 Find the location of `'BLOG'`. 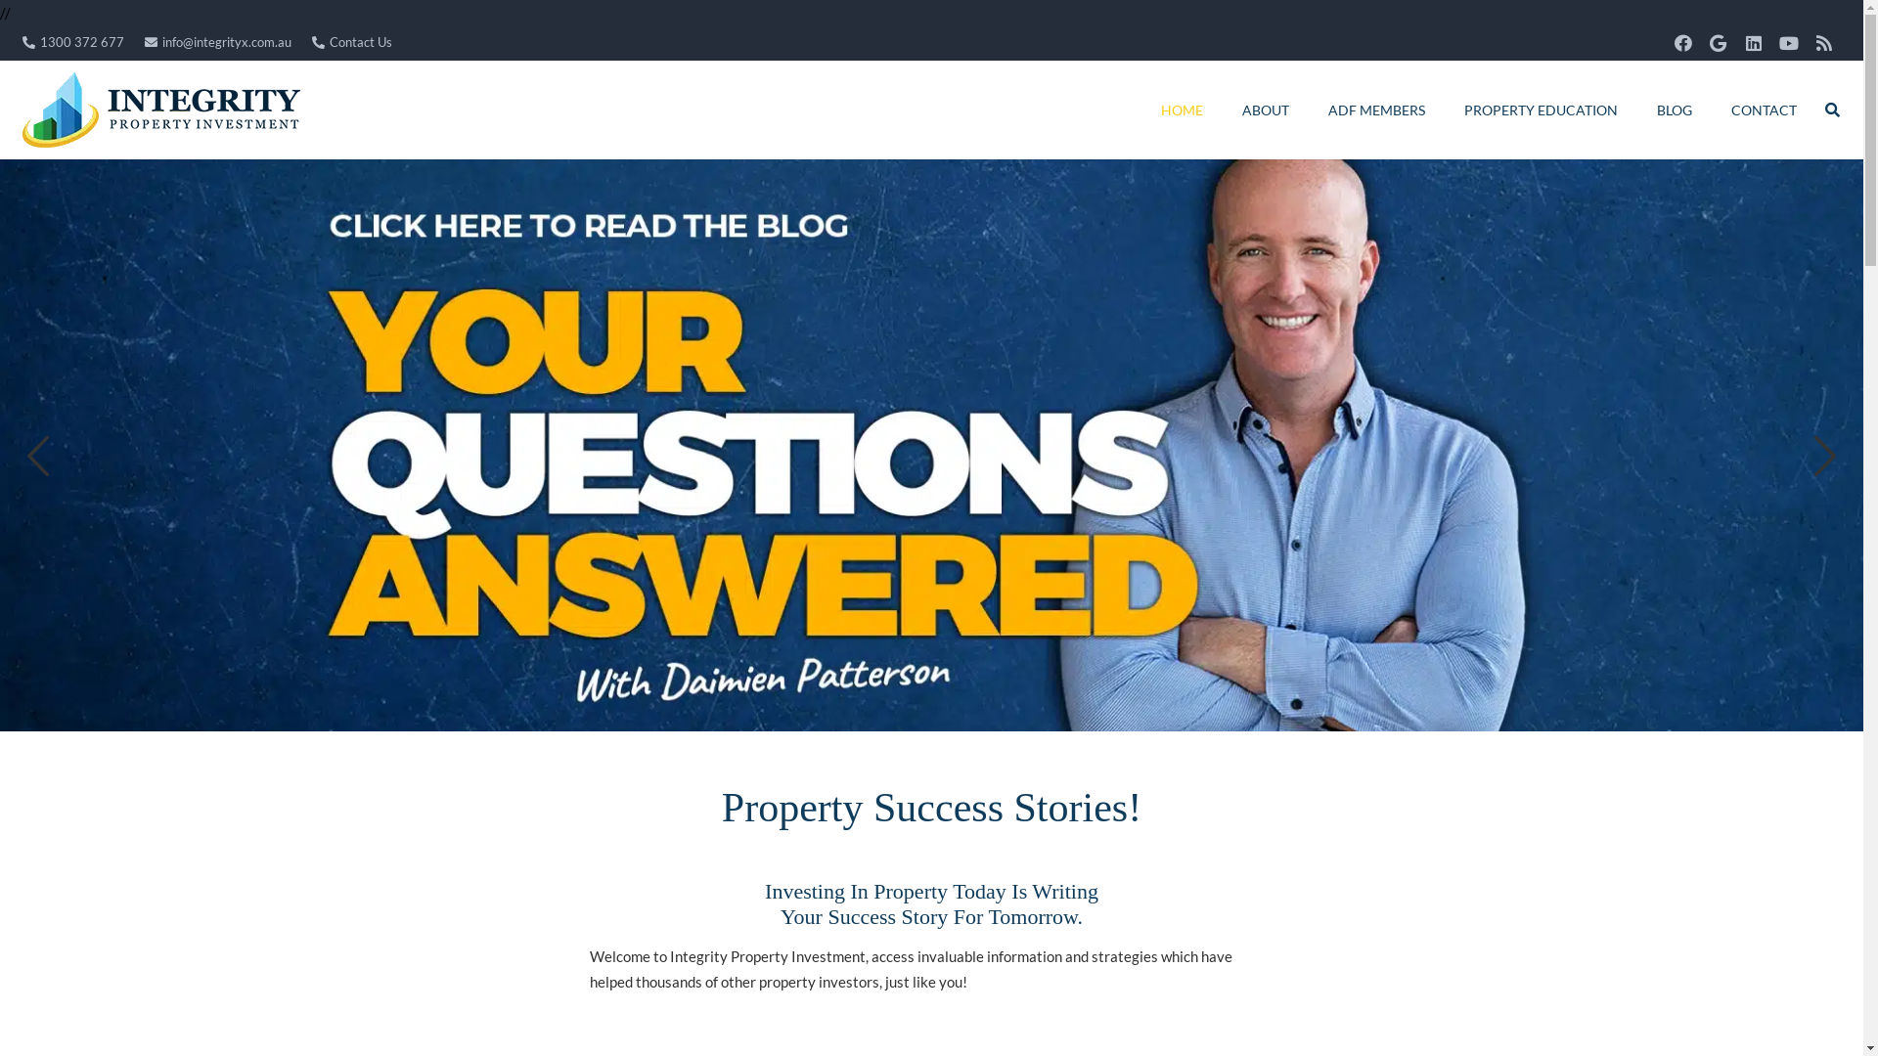

'BLOG' is located at coordinates (1674, 110).